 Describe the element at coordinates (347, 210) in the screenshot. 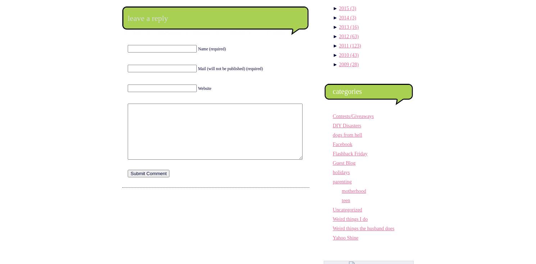

I see `'Uncategorized'` at that location.